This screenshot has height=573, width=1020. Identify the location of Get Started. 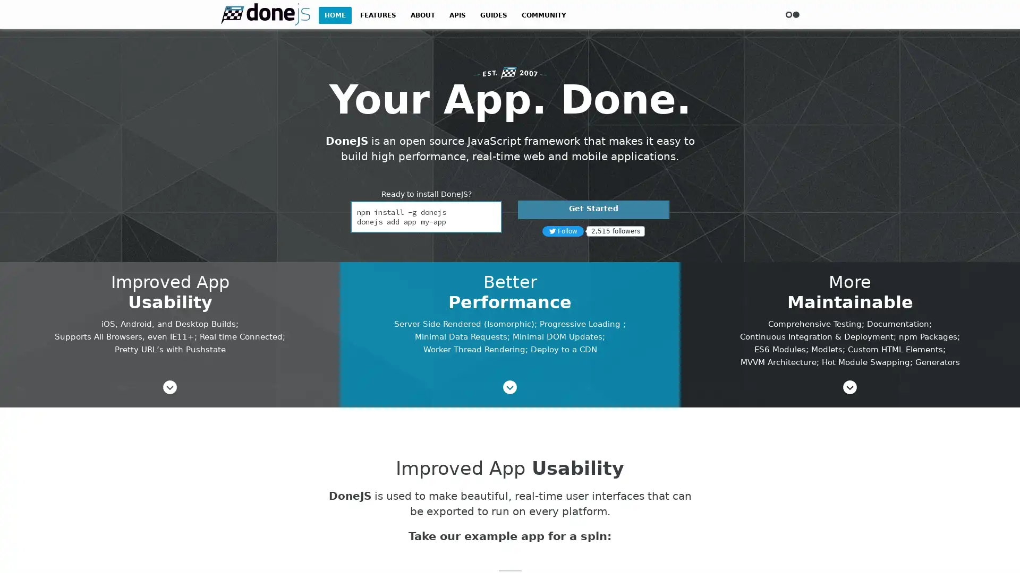
(593, 210).